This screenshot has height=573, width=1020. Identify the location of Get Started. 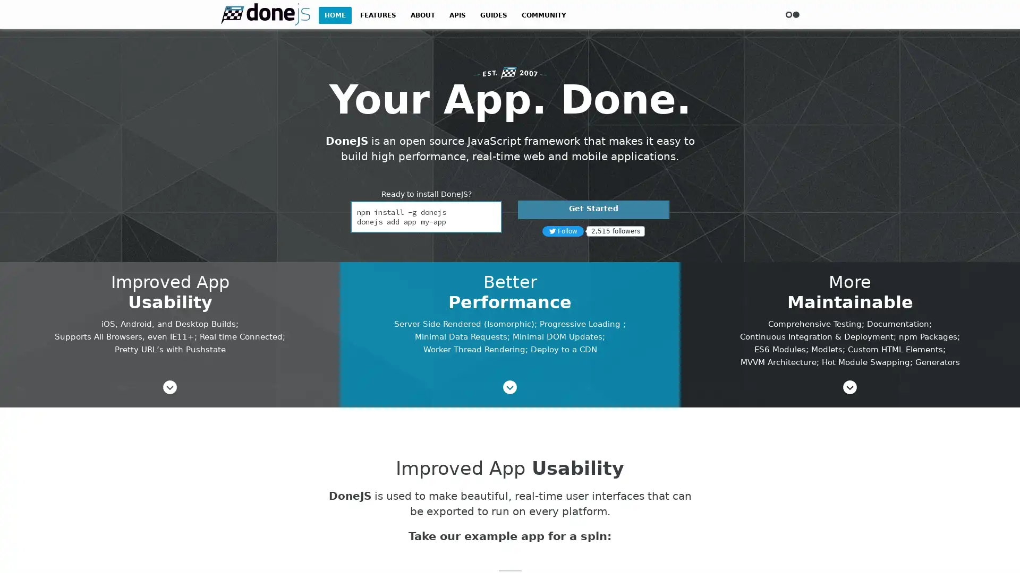
(593, 210).